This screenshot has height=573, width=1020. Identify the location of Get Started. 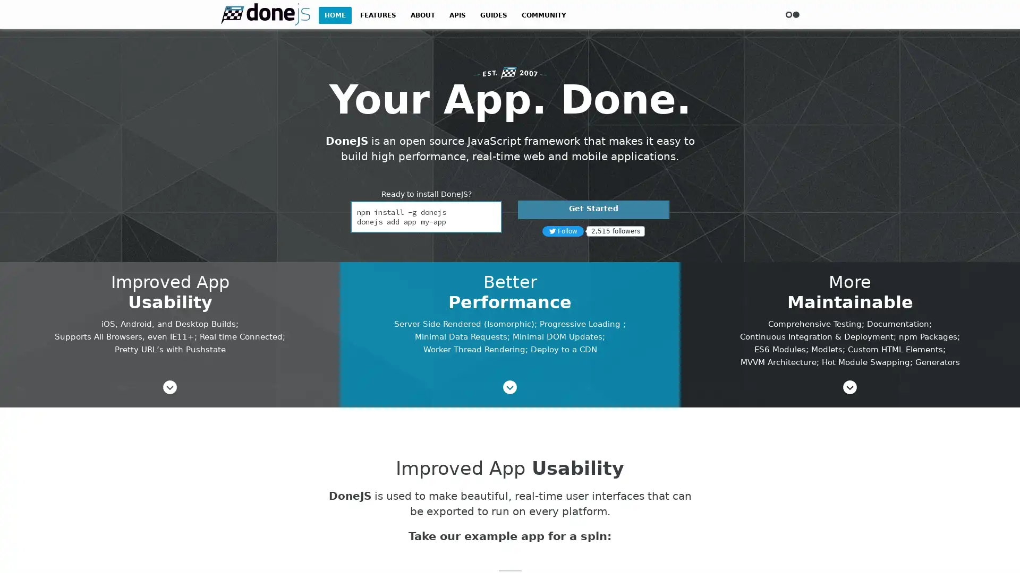
(593, 210).